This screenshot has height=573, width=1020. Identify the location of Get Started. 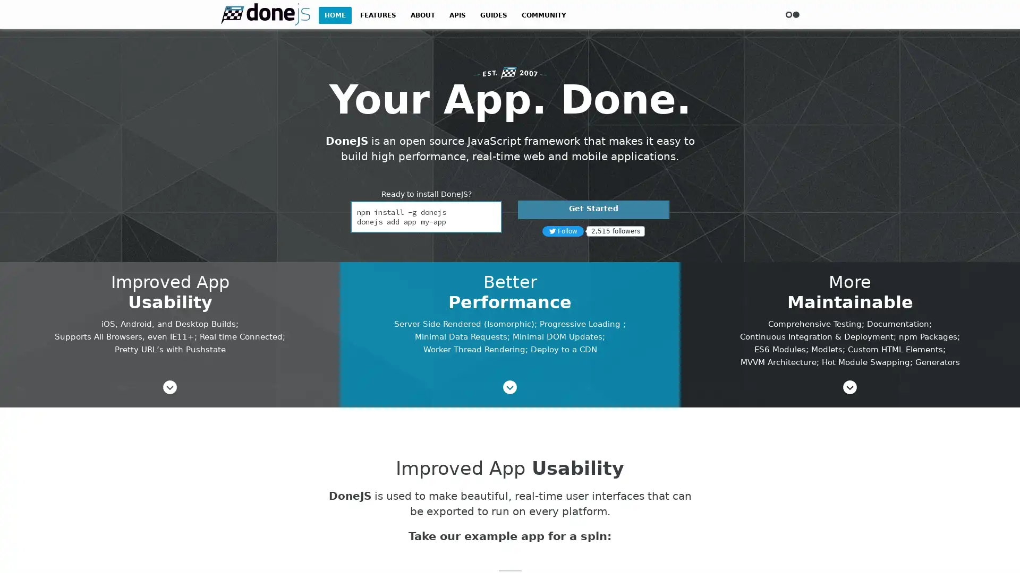
(593, 210).